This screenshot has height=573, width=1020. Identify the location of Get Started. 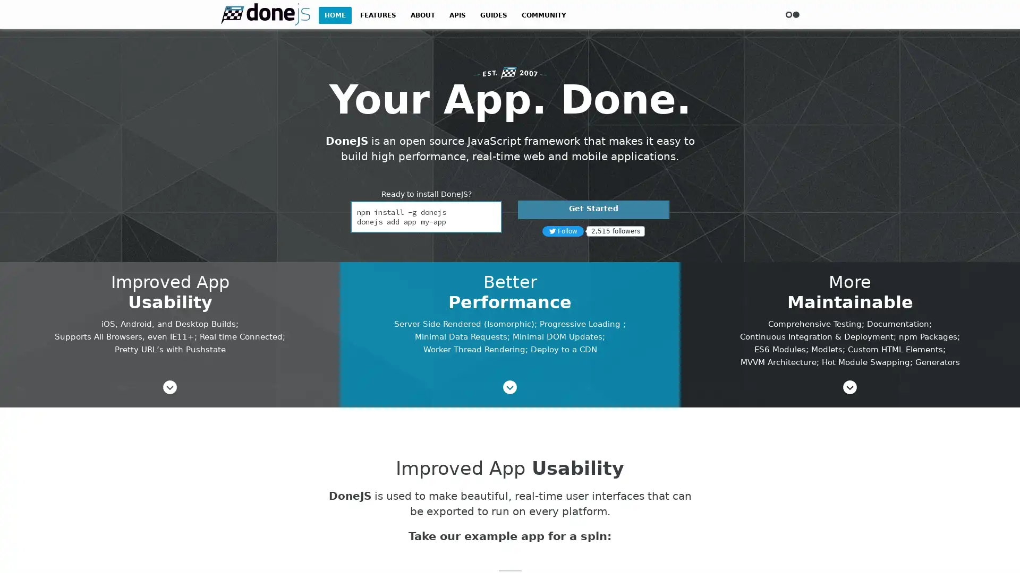
(593, 210).